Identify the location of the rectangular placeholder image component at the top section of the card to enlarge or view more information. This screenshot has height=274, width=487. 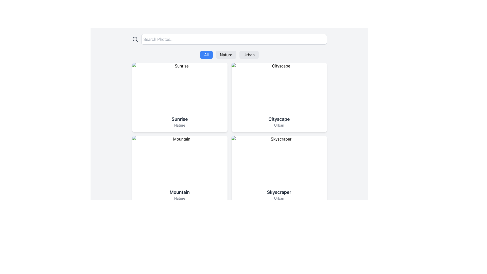
(180, 87).